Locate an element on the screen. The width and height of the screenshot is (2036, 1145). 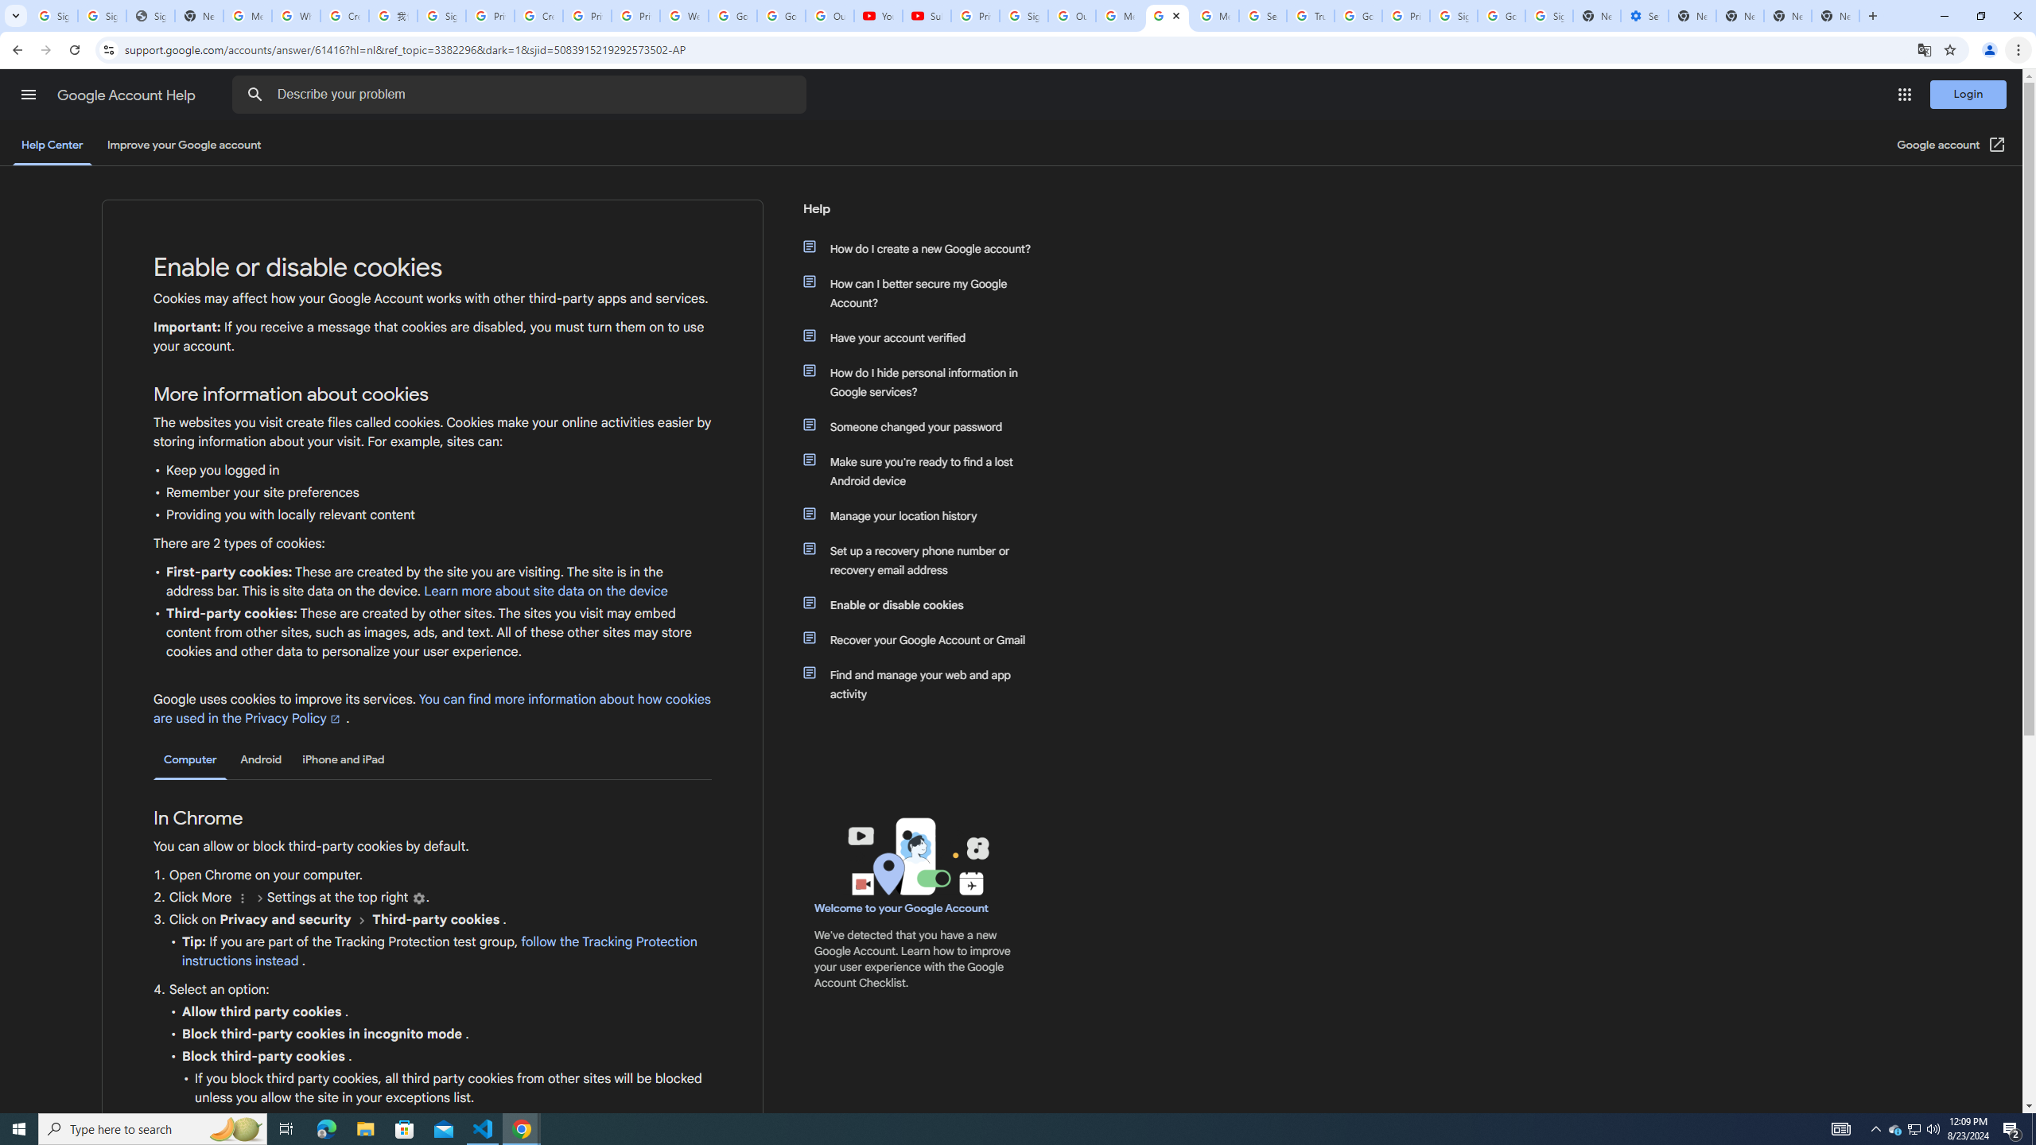
'Google Account Help' is located at coordinates (127, 95).